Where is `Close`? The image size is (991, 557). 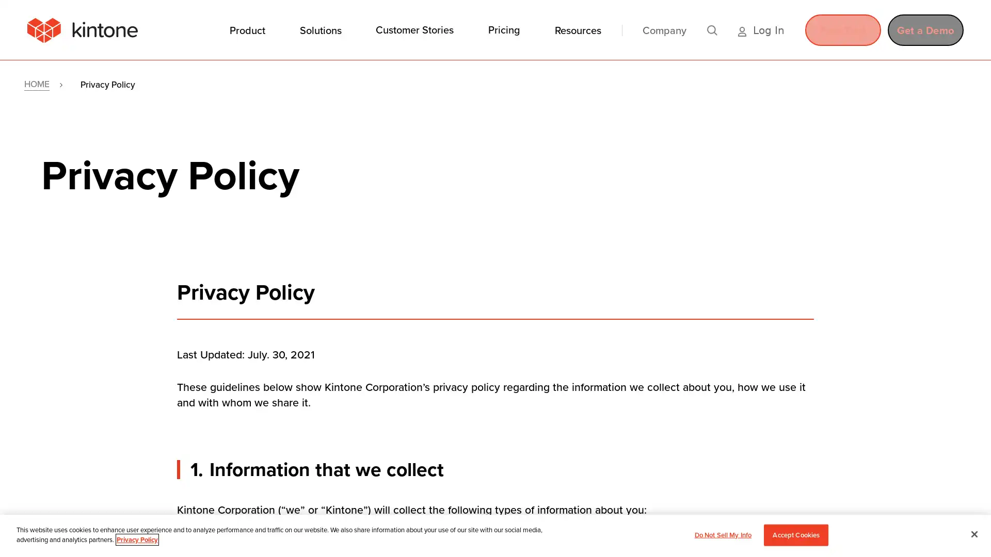 Close is located at coordinates (973, 533).